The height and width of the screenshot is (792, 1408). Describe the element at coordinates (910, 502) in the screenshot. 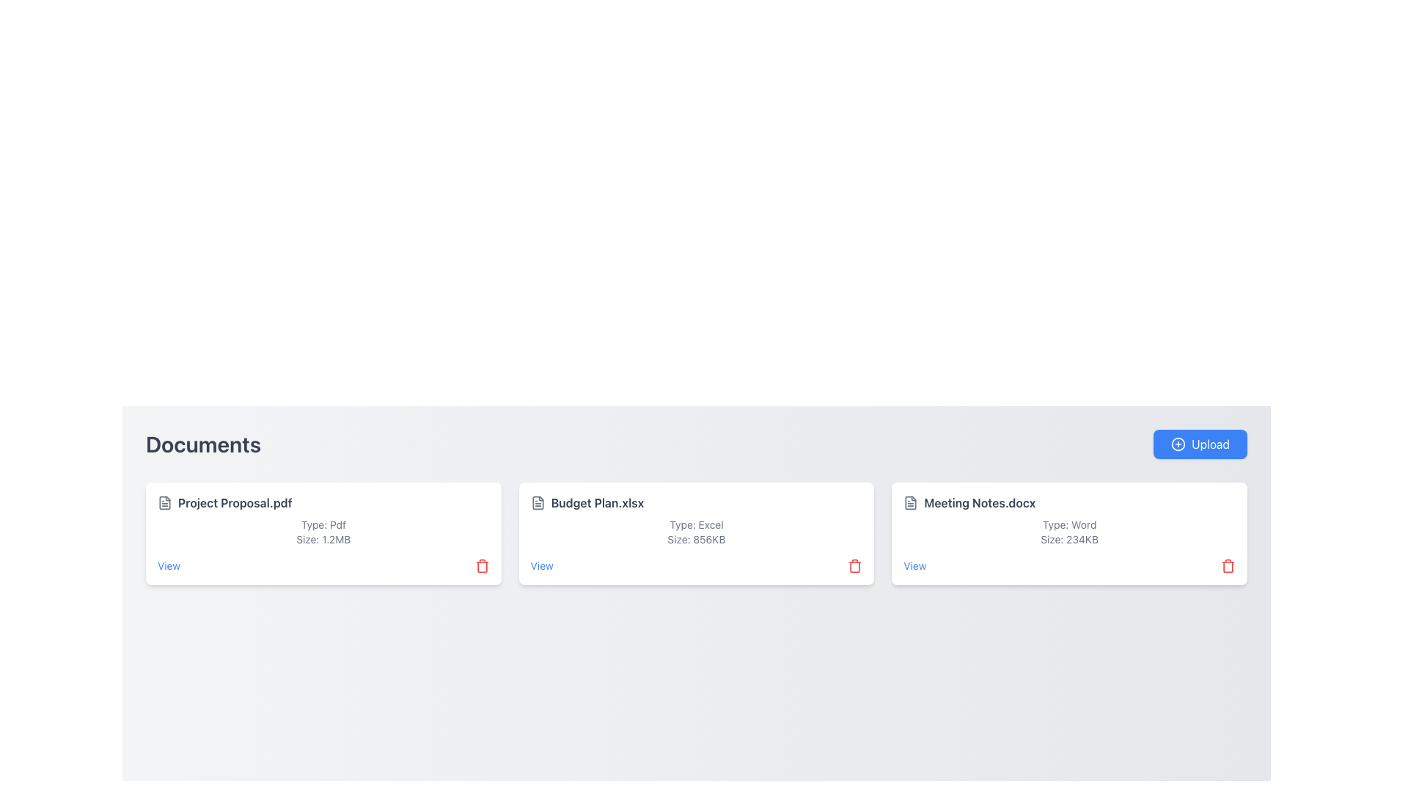

I see `the document format icon` at that location.